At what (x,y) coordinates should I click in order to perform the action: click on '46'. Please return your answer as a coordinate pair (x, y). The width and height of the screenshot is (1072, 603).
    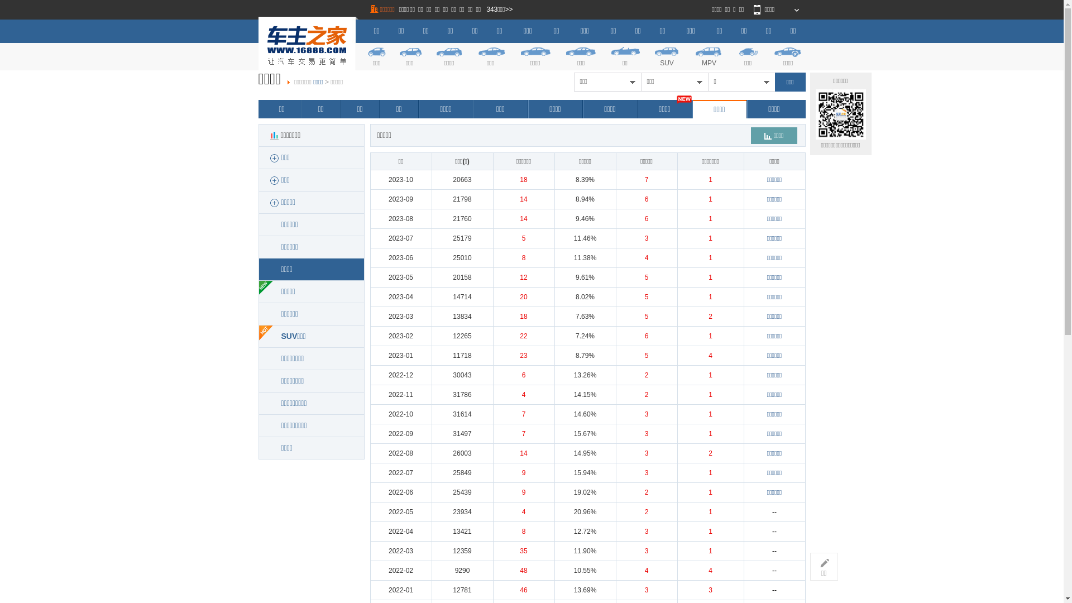
    Looking at the image, I should click on (519, 589).